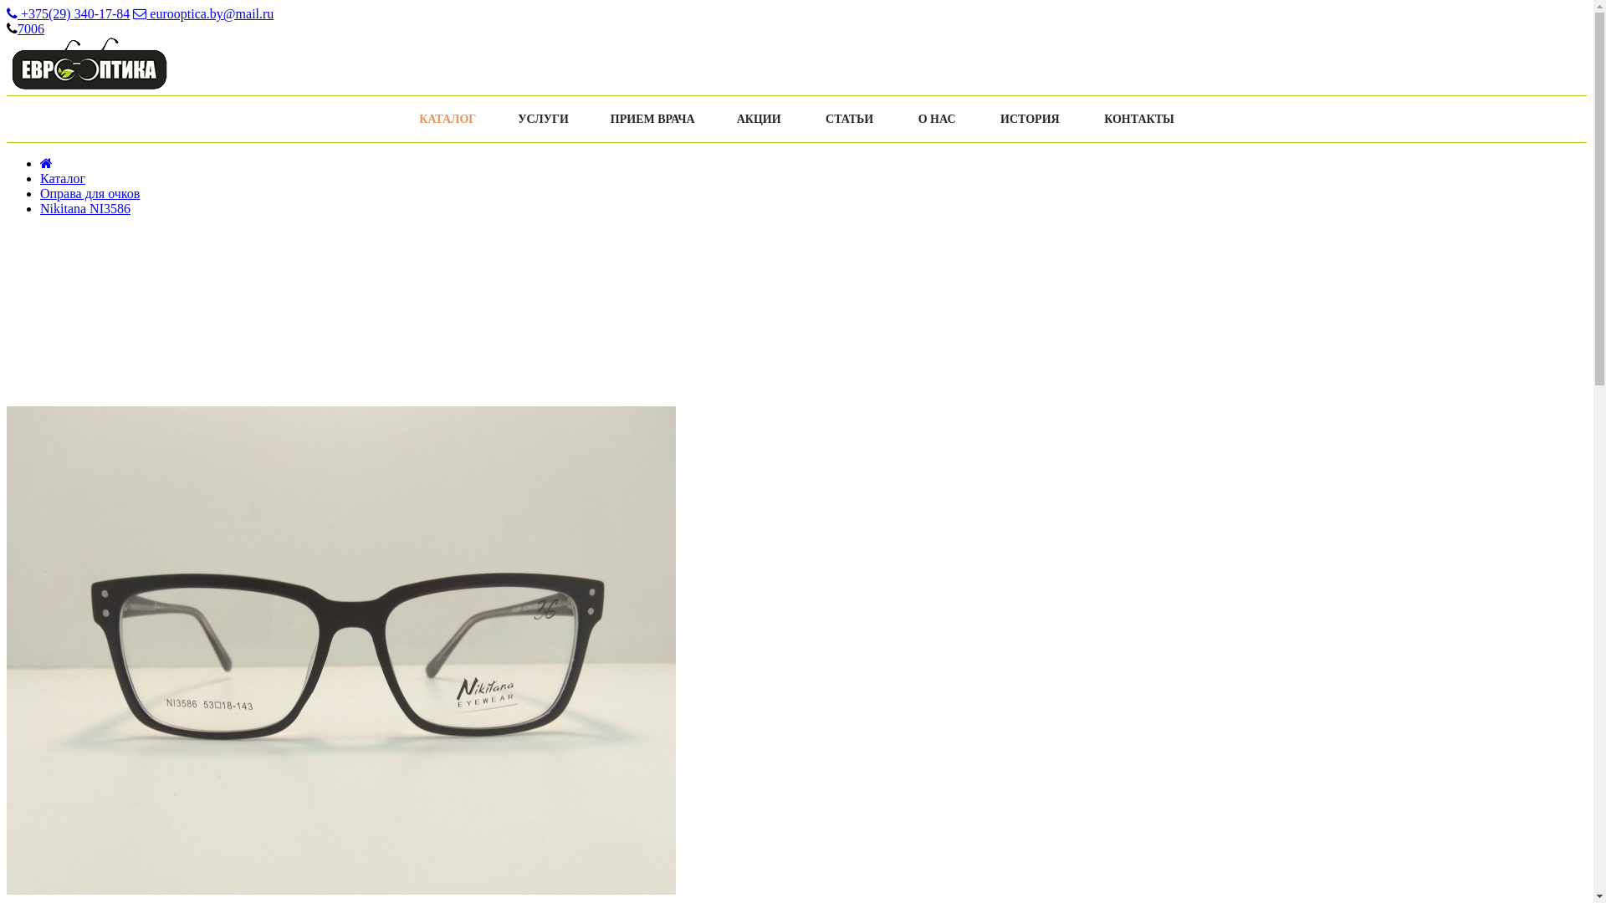 Image resolution: width=1606 pixels, height=903 pixels. What do you see at coordinates (31, 28) in the screenshot?
I see `'7006'` at bounding box center [31, 28].